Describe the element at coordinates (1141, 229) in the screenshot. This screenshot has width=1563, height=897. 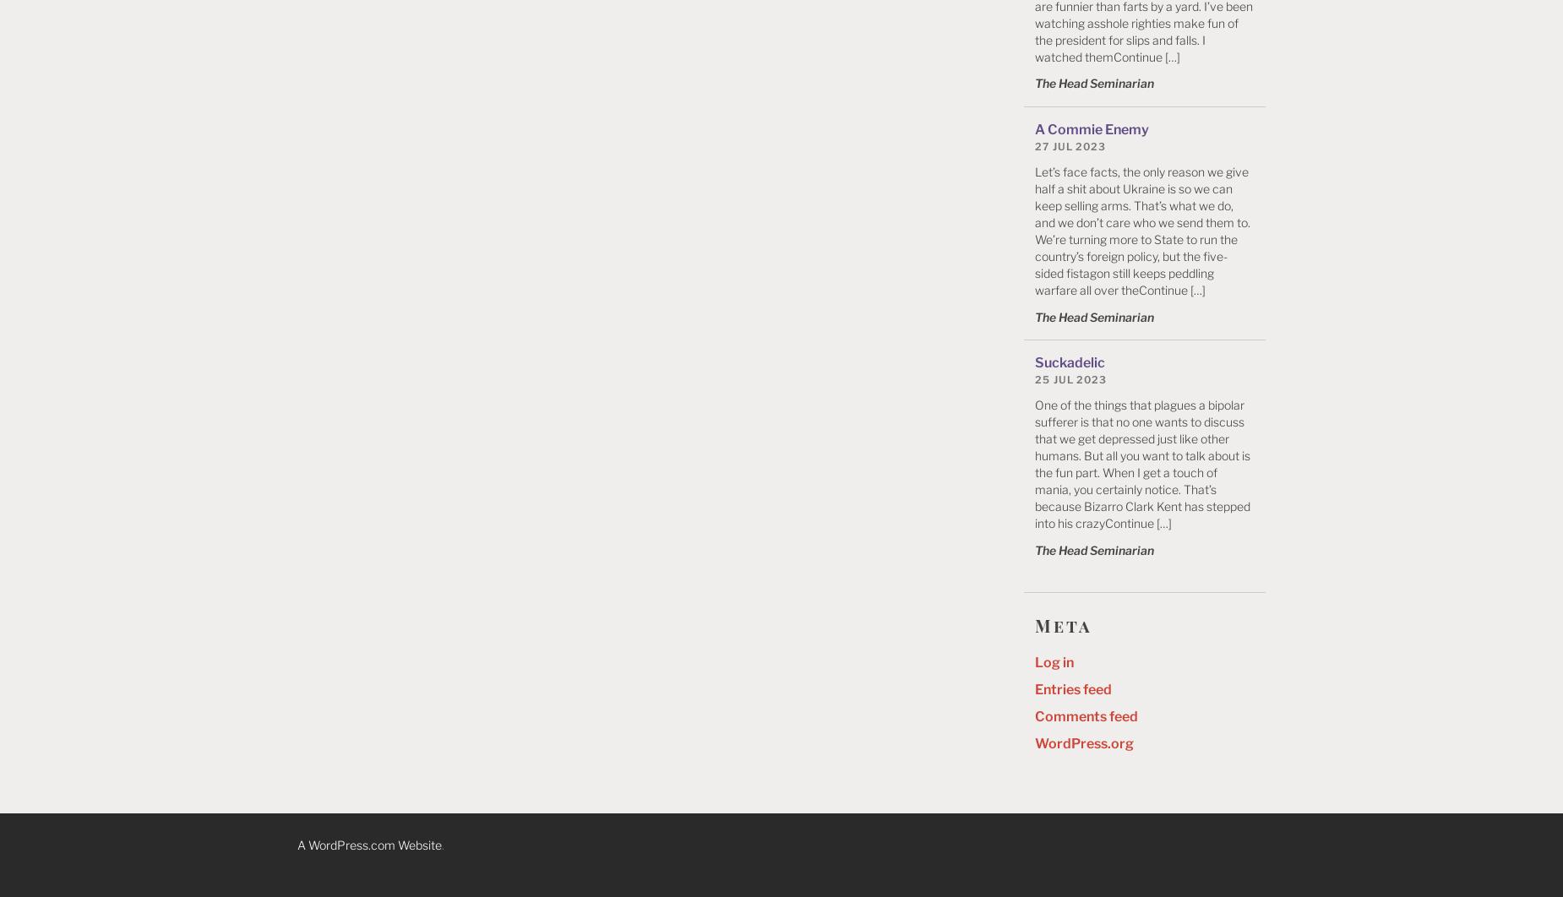
I see `'Let’s face facts, the only reason we give half a shit about Ukraine is so we can keep selling arms. That’s what we do, and we don’t care who we send them to. We’re turning more to State to run the country’s foreign policy, but the five-sided fistagon still keeps peddling warfare all over theContinue […]'` at that location.